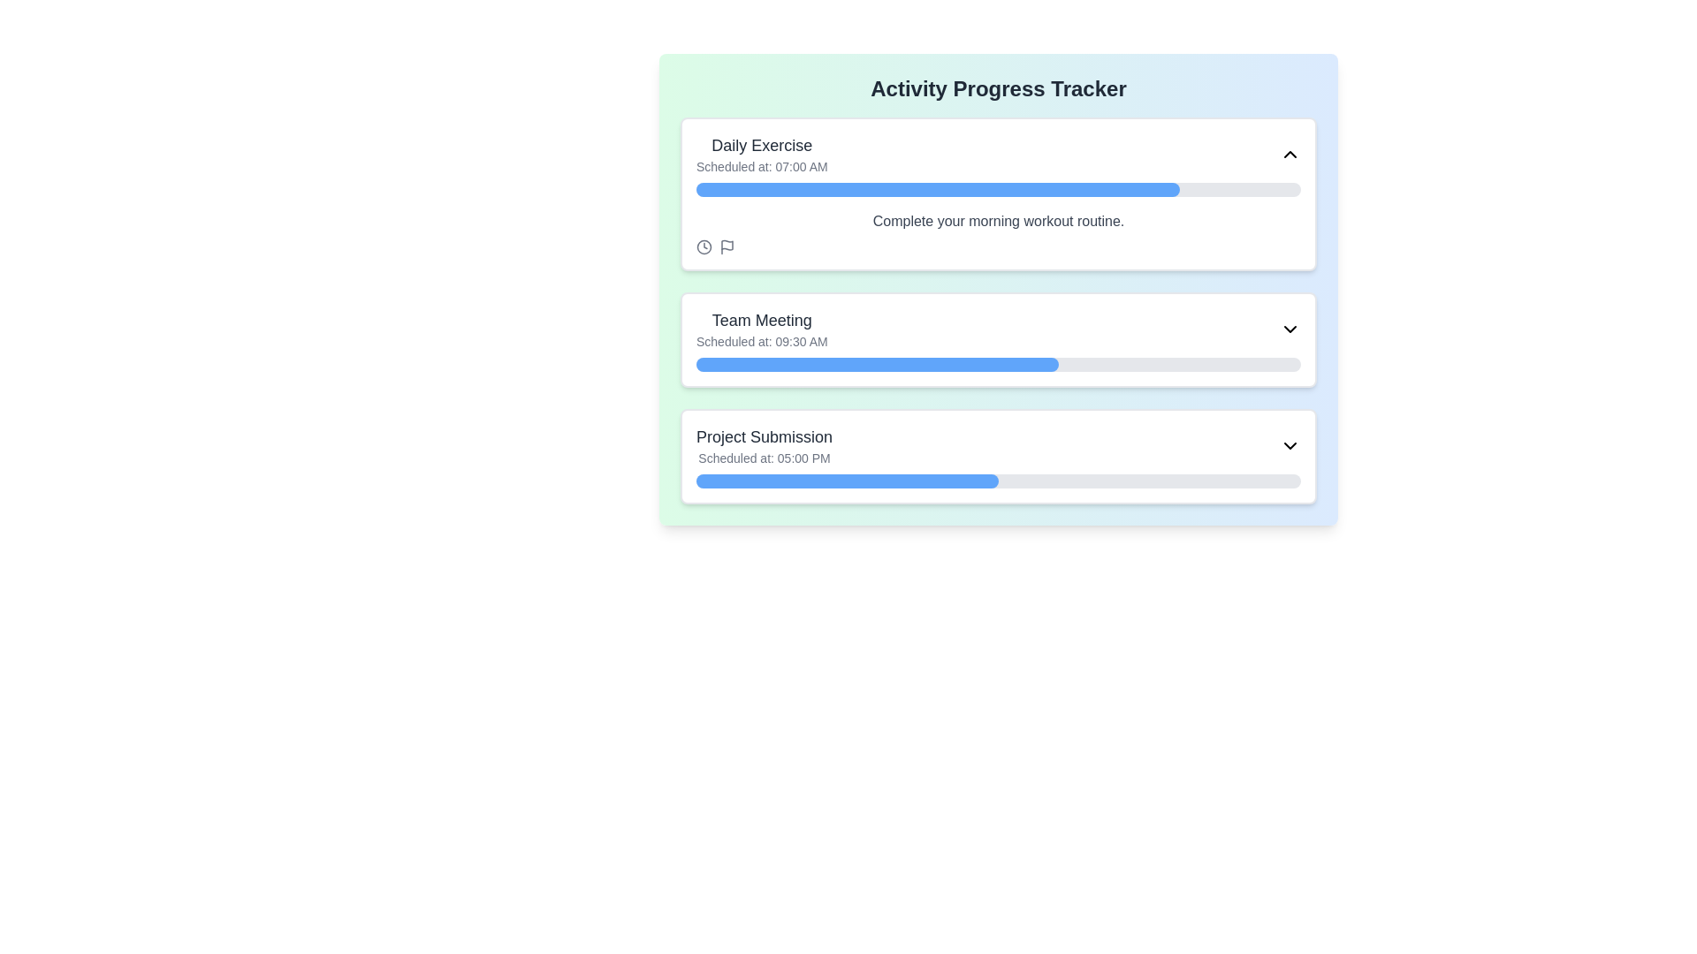  What do you see at coordinates (762, 167) in the screenshot?
I see `the static text label displaying 'Scheduled at: 07:00 AM', which is positioned below the 'Daily Exercise' label in the topmost card layout` at bounding box center [762, 167].